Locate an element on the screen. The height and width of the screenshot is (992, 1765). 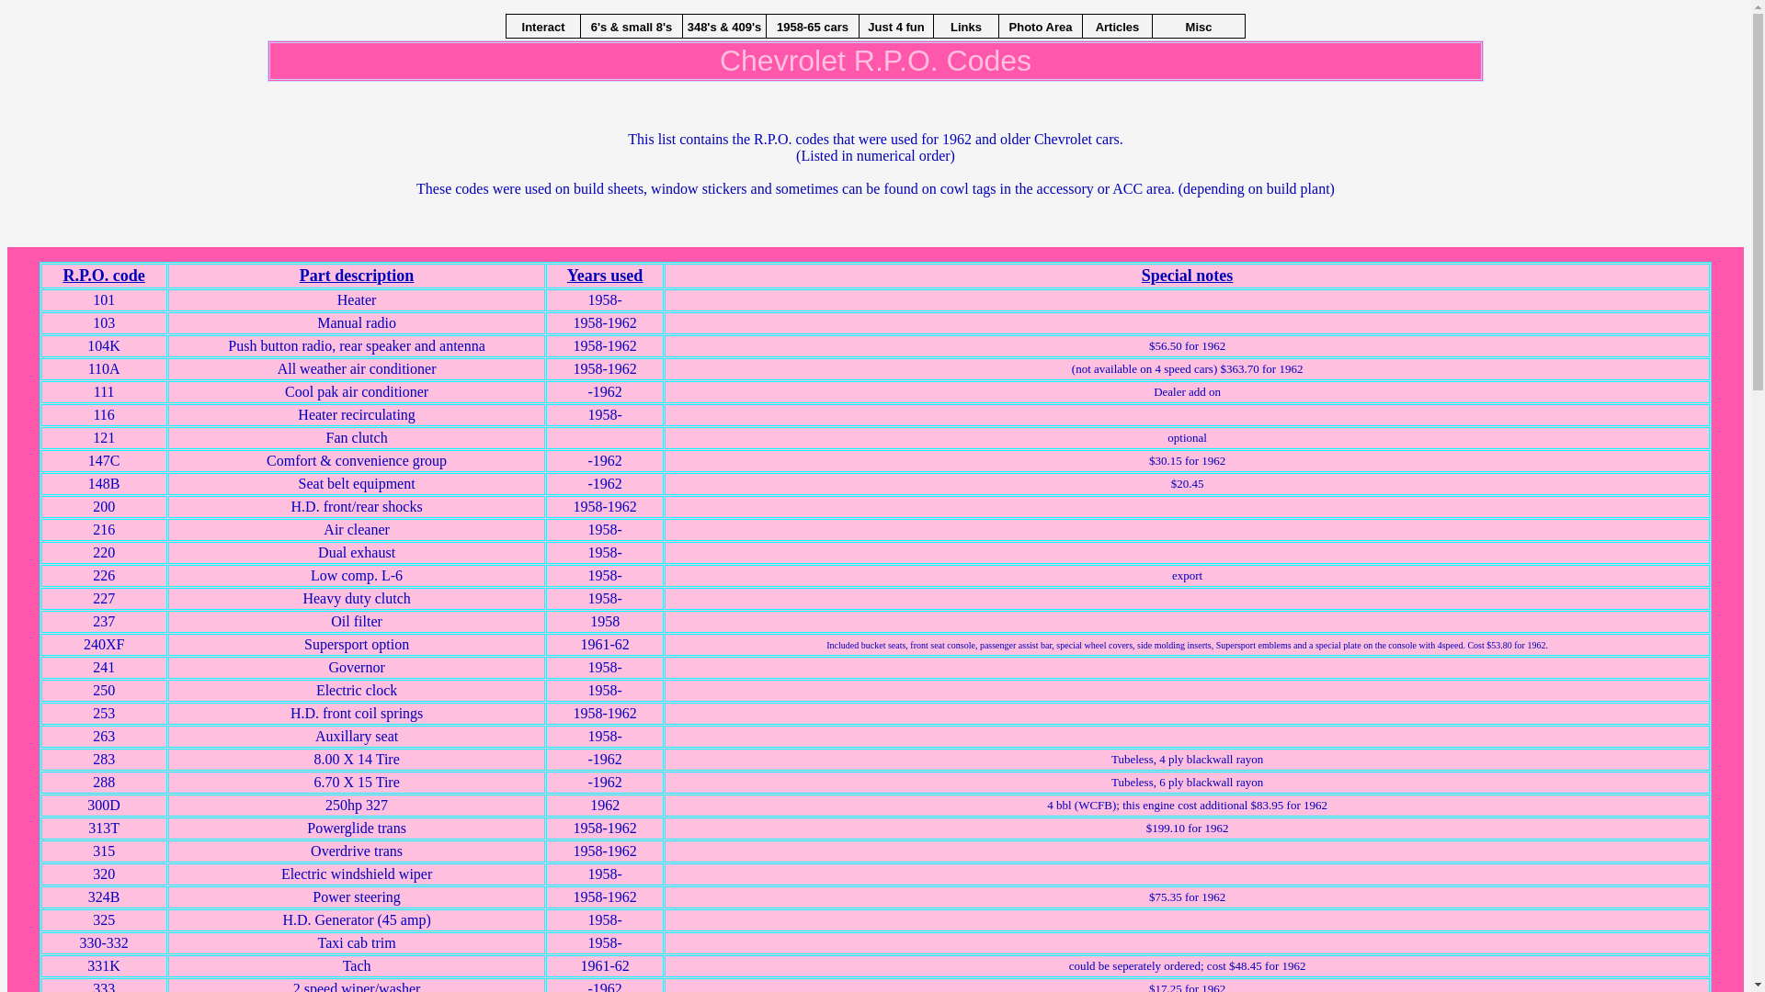
'348's & 409's' is located at coordinates (723, 26).